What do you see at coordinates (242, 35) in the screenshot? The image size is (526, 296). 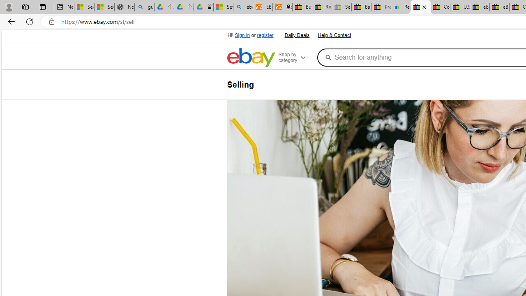 I see `'Sign in'` at bounding box center [242, 35].